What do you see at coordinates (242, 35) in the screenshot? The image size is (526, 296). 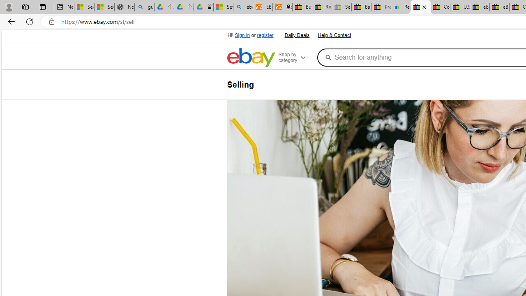 I see `'Sign in'` at bounding box center [242, 35].